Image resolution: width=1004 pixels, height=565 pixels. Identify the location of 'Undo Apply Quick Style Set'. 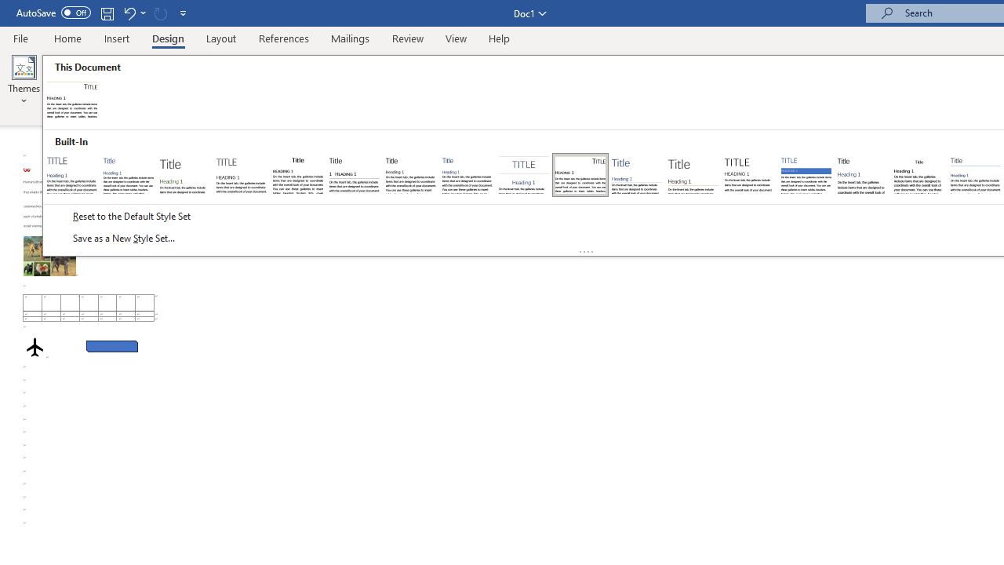
(129, 13).